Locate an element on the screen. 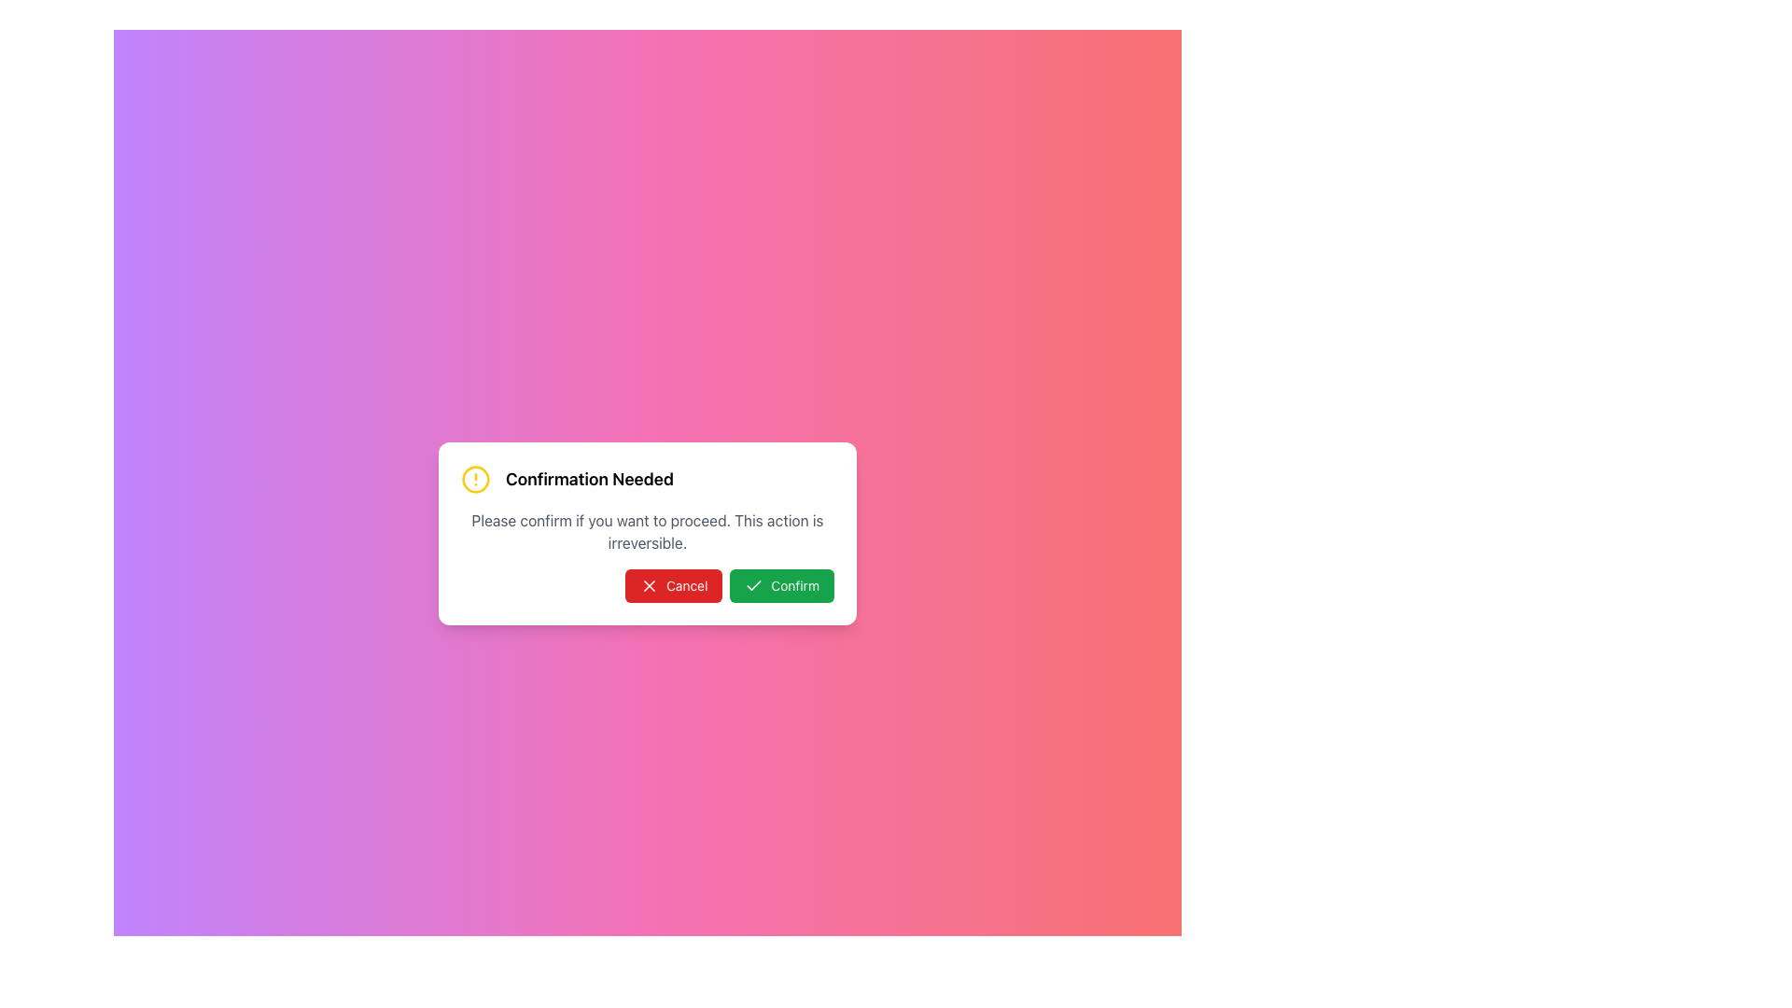 The height and width of the screenshot is (1008, 1792). the Button Group containing 'Cancel' and 'Confirm' buttons located at the bottom of the modal dialog is located at coordinates (648, 585).